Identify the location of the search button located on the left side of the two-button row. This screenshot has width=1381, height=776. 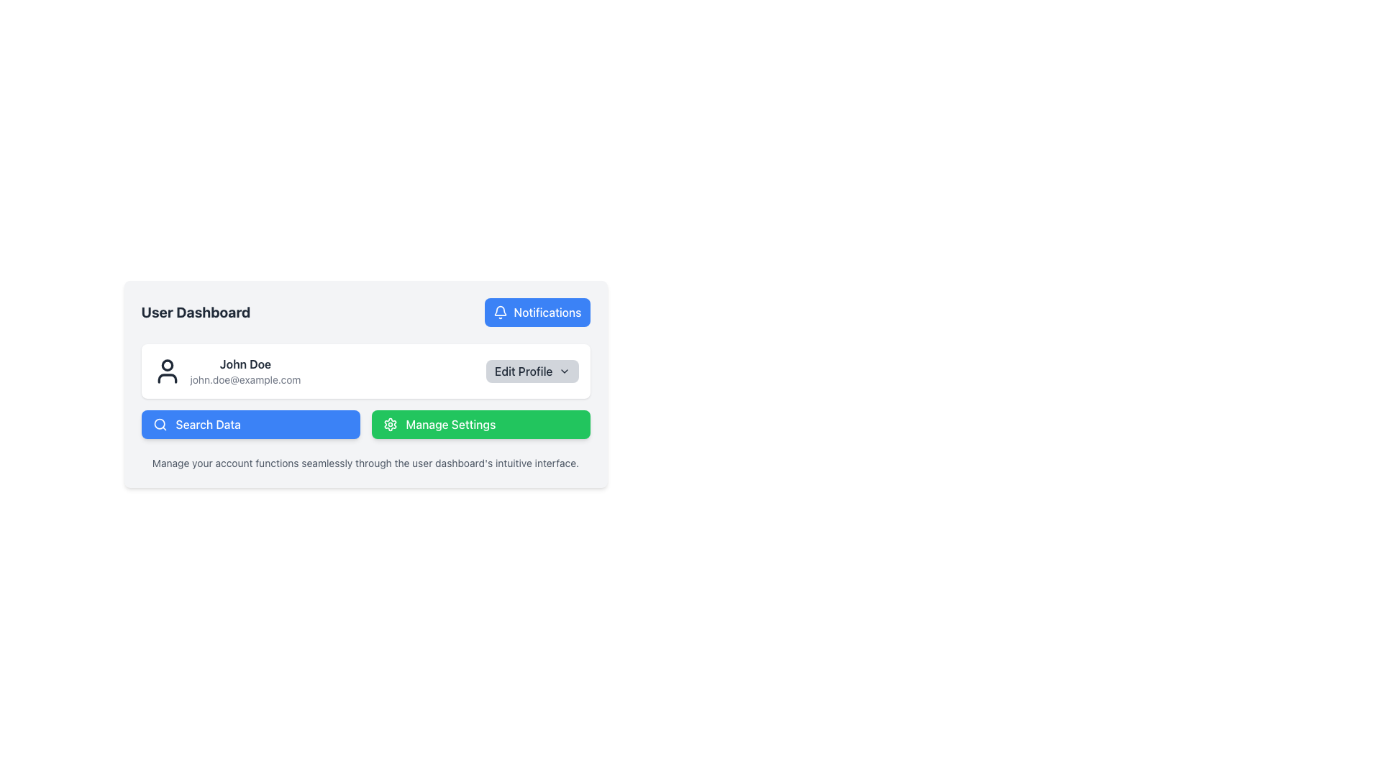
(250, 423).